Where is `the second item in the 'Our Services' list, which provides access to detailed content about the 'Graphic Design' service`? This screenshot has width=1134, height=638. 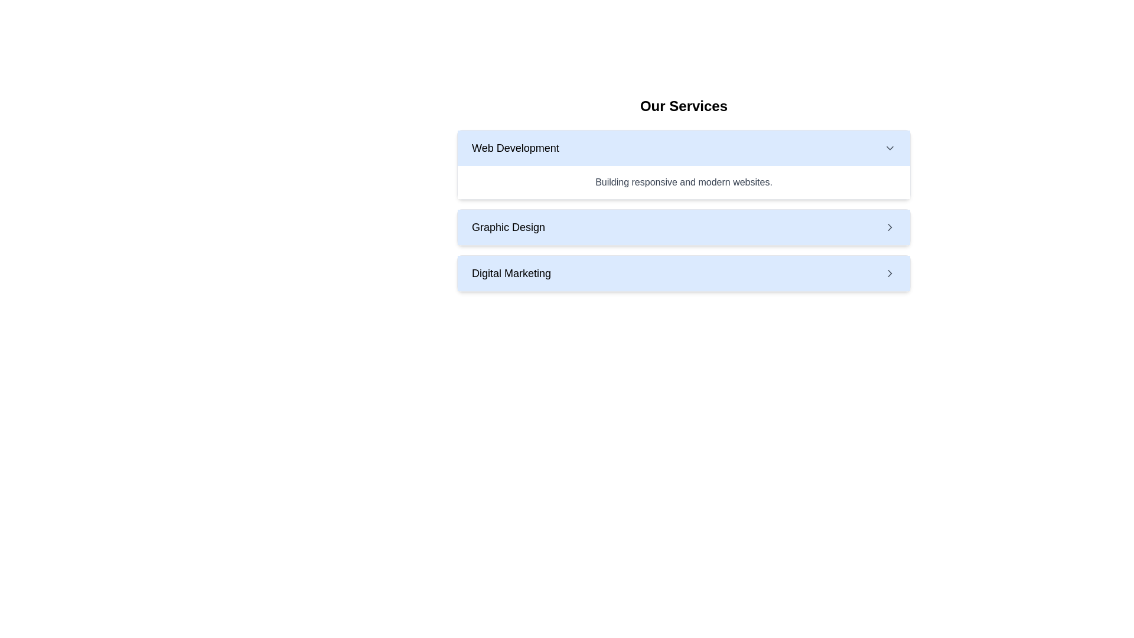 the second item in the 'Our Services' list, which provides access to detailed content about the 'Graphic Design' service is located at coordinates (683, 210).